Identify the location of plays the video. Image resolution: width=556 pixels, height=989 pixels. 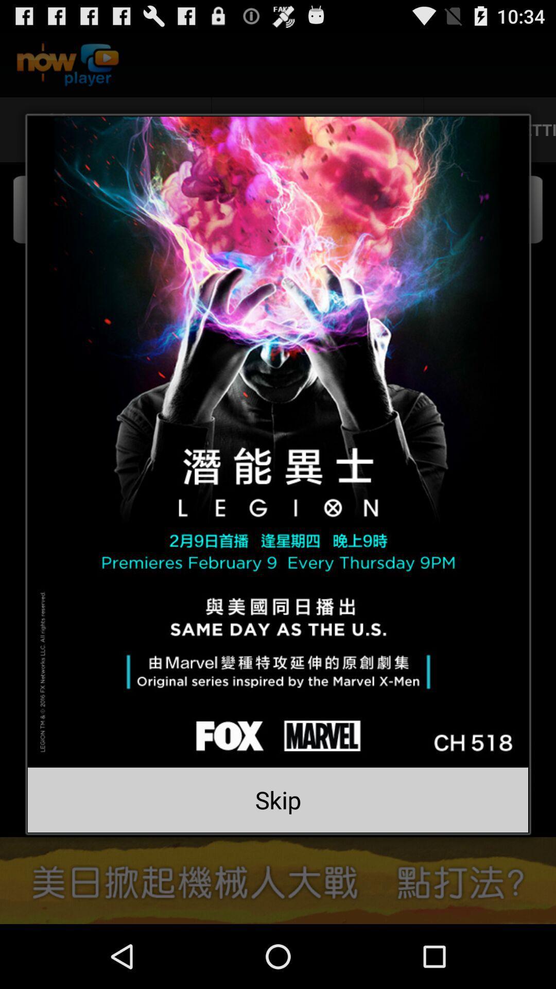
(278, 442).